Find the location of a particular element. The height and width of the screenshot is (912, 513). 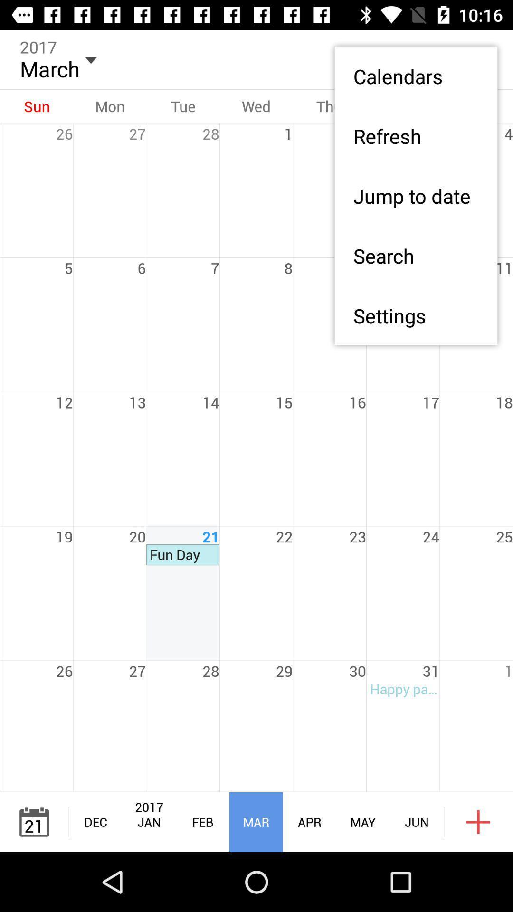

the calendars icon is located at coordinates (415, 76).